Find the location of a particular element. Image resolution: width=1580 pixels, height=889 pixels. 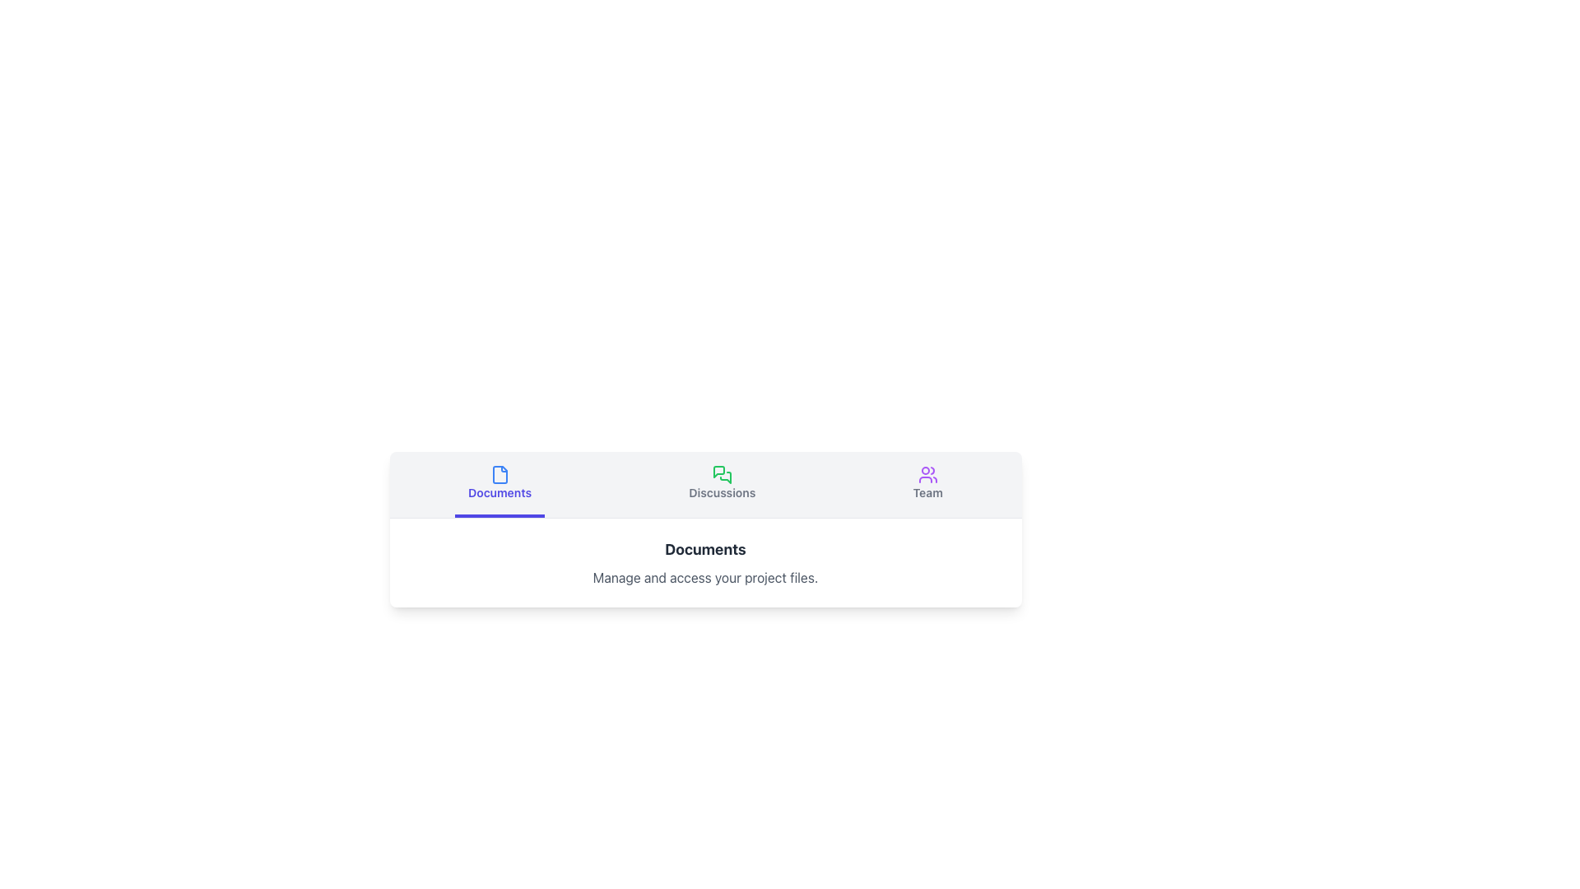

the 'Documents' button, which is a blue file icon with bold indigo text and an indigo underline is located at coordinates (499, 483).